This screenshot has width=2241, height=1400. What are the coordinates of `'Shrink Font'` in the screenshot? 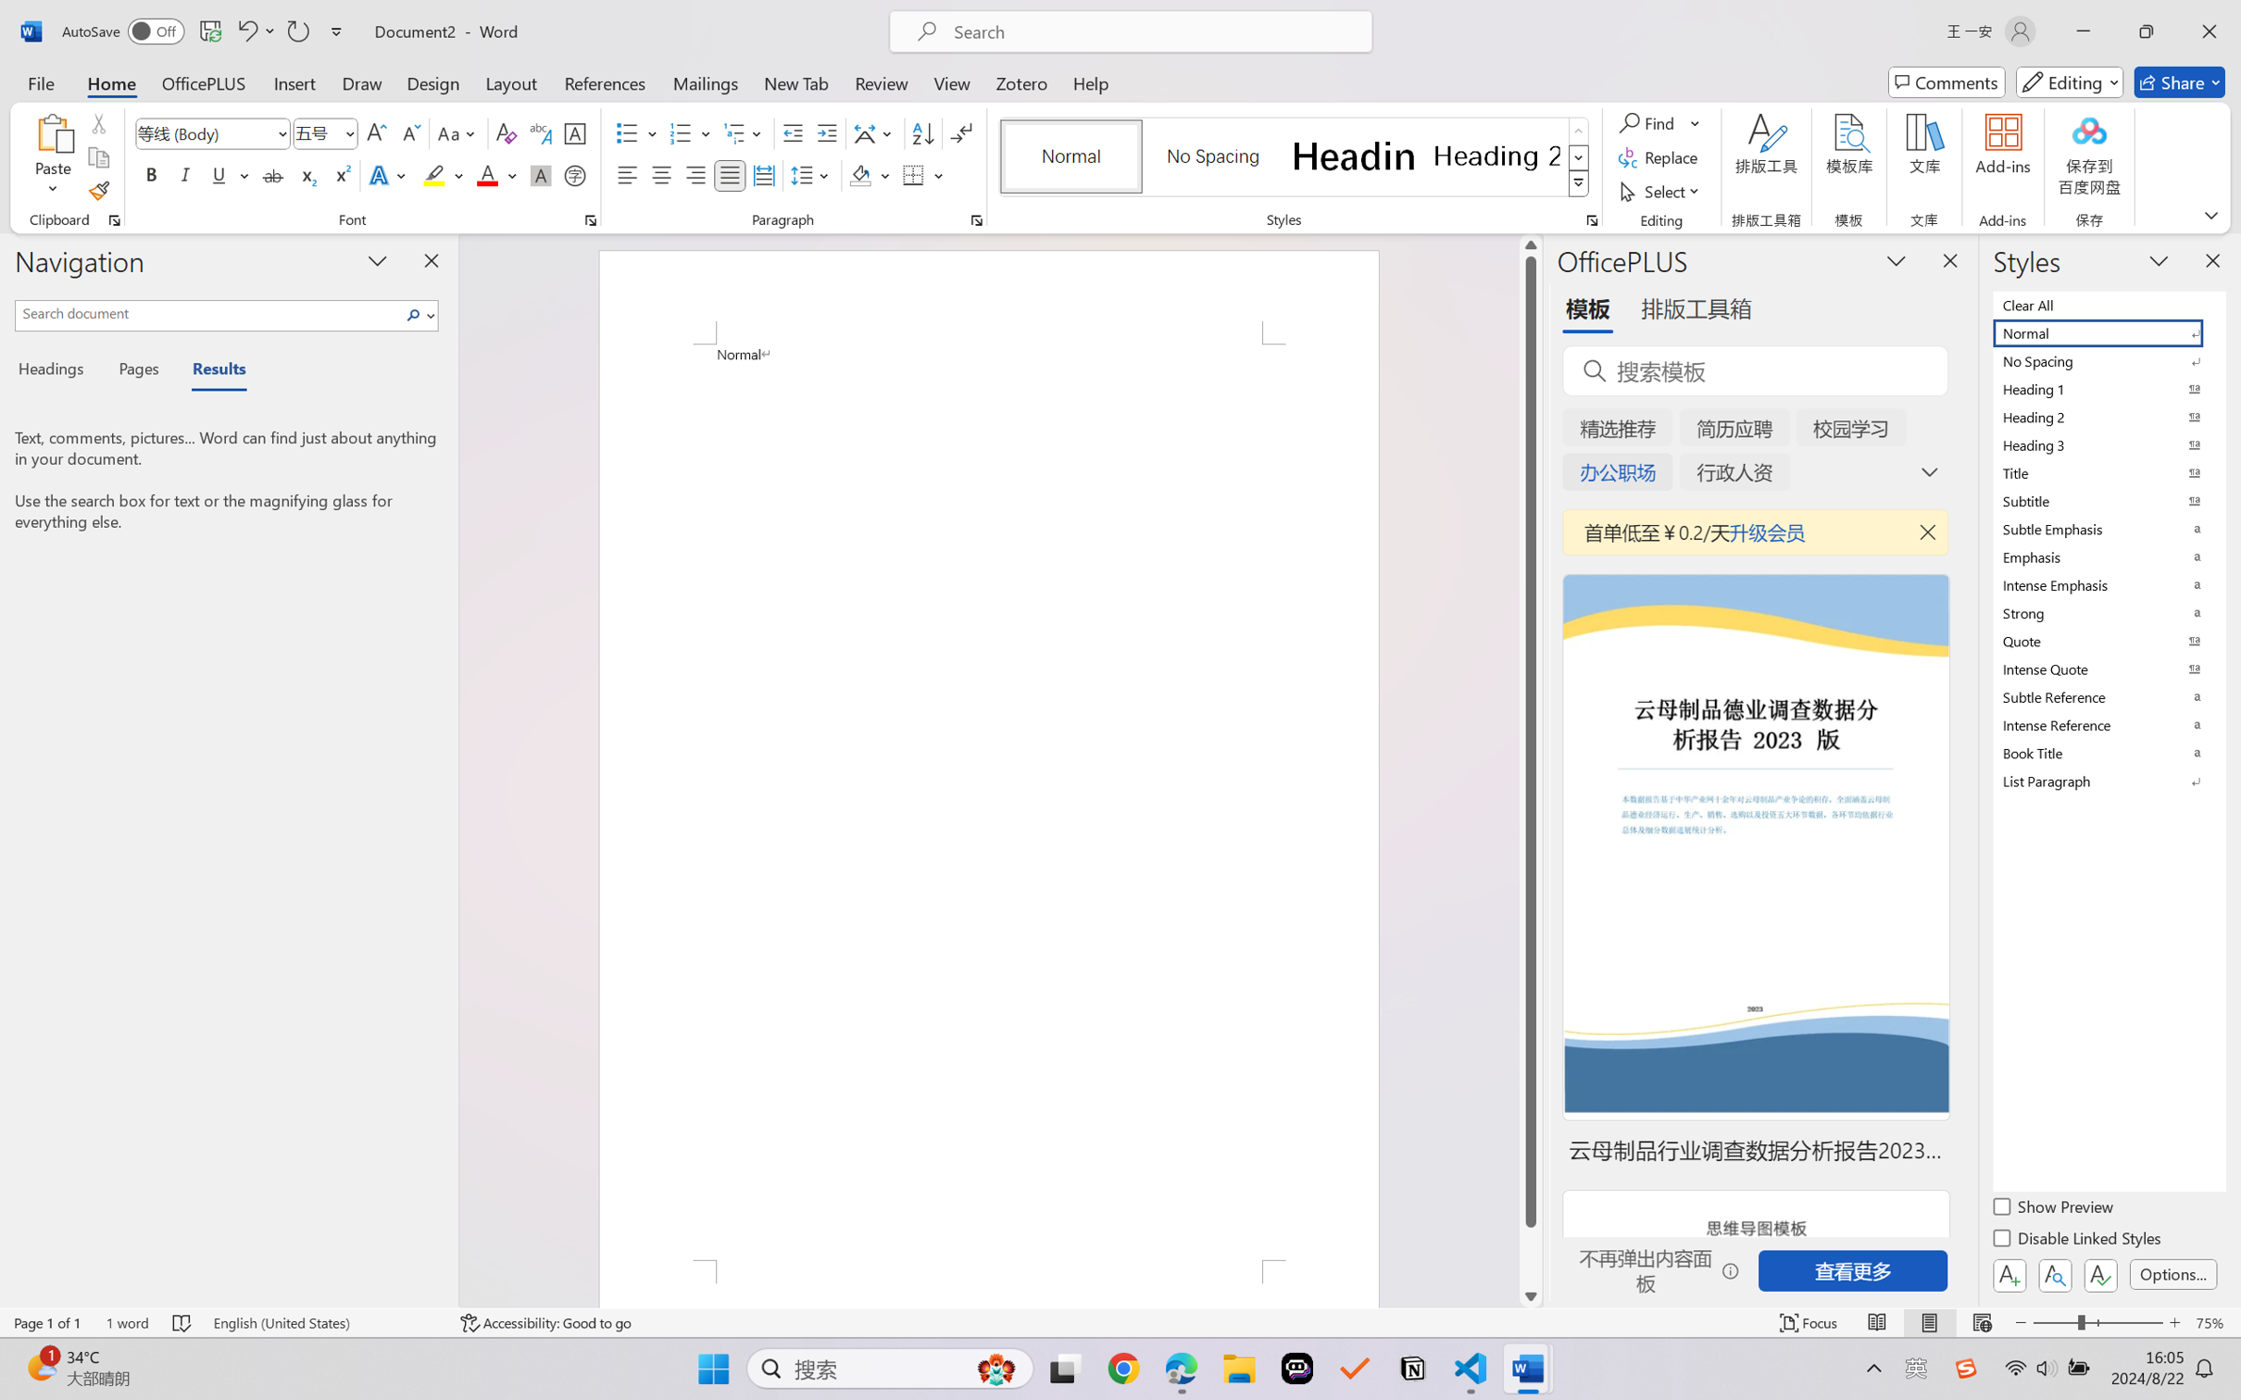 It's located at (408, 133).